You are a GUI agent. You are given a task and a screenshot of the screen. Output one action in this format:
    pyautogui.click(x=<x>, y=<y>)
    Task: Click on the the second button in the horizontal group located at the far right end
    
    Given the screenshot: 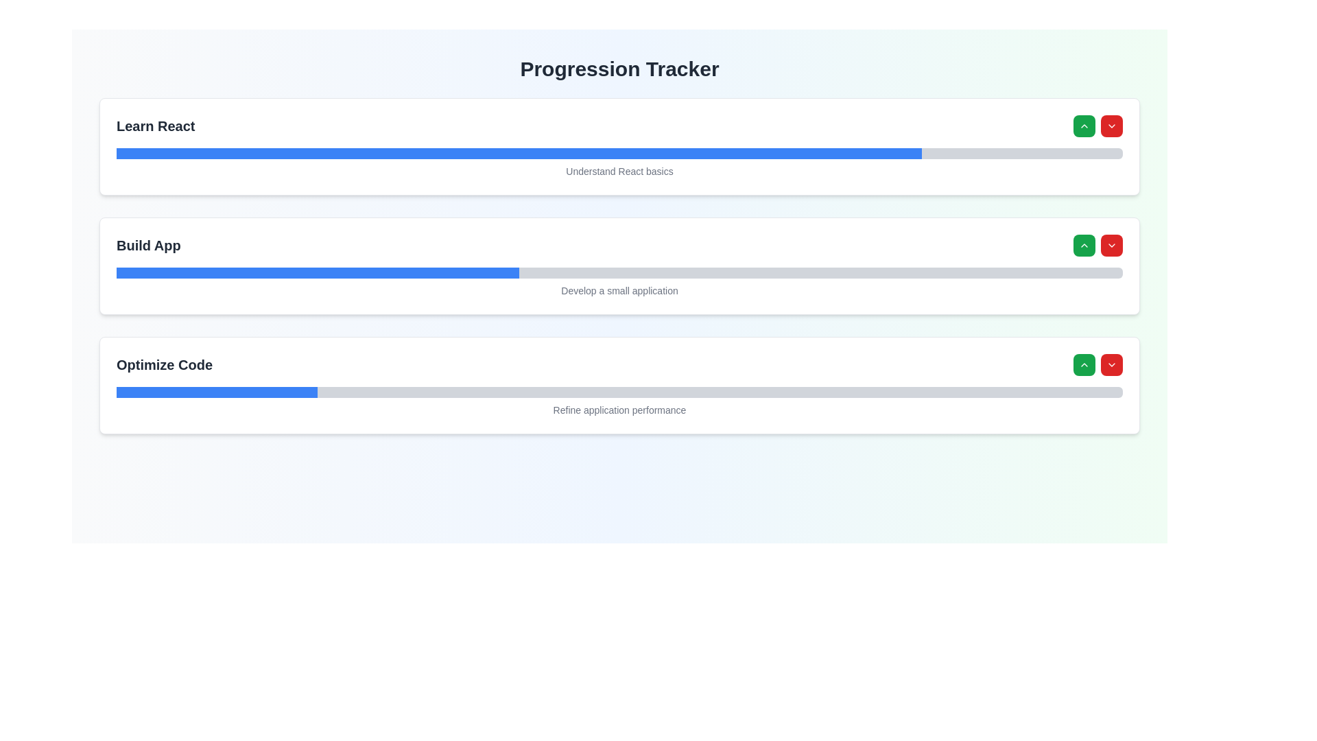 What is the action you would take?
    pyautogui.click(x=1112, y=364)
    